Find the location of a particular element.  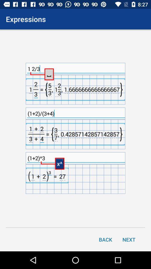

next item is located at coordinates (129, 239).